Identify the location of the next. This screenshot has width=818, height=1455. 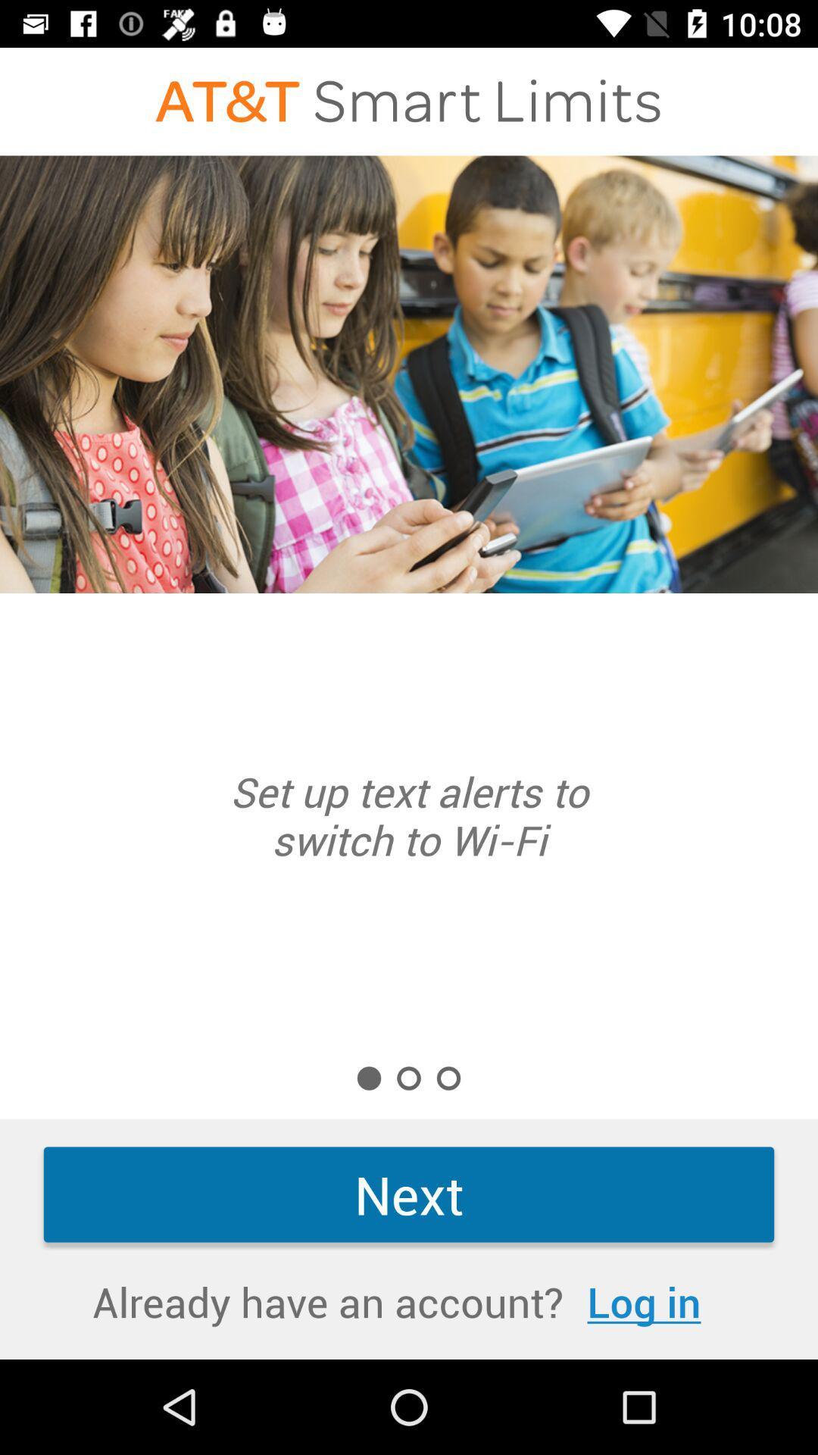
(409, 1194).